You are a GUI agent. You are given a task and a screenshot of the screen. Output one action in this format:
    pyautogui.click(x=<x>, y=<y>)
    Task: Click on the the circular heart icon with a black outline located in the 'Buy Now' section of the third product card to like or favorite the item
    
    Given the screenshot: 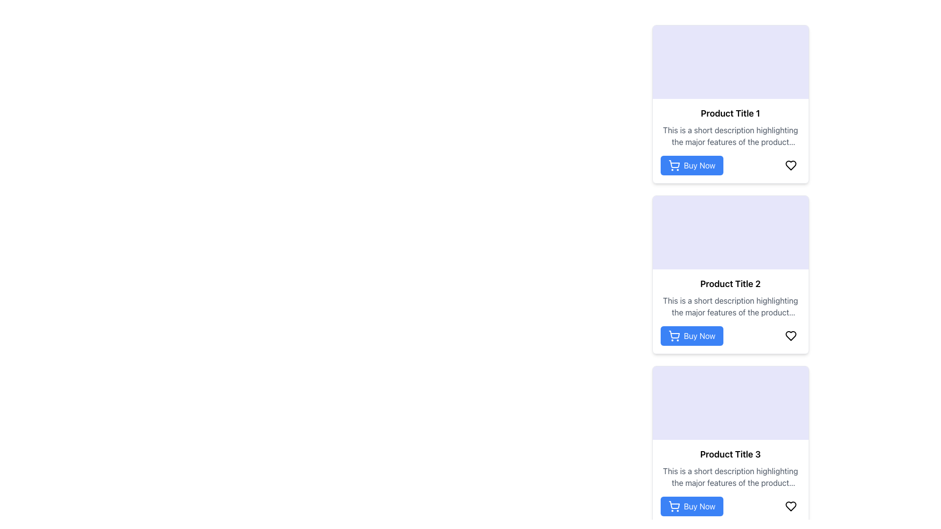 What is the action you would take?
    pyautogui.click(x=791, y=506)
    